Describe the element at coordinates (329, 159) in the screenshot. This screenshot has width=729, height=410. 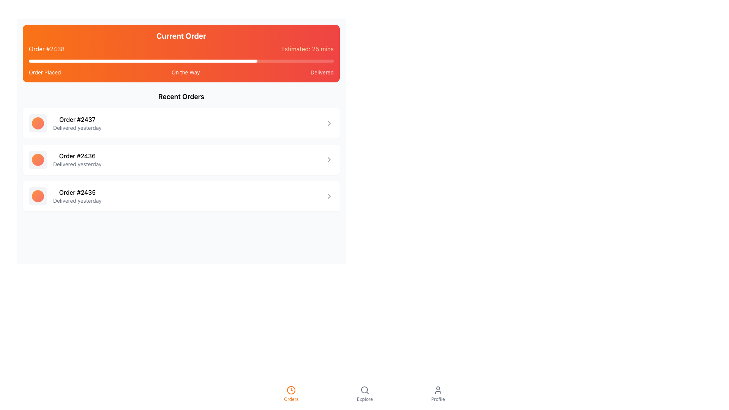
I see `the chevron-right icon located at the rightmost end of the third item in the 'Recent Orders' list, which is a light gray arrow indicating navigation` at that location.